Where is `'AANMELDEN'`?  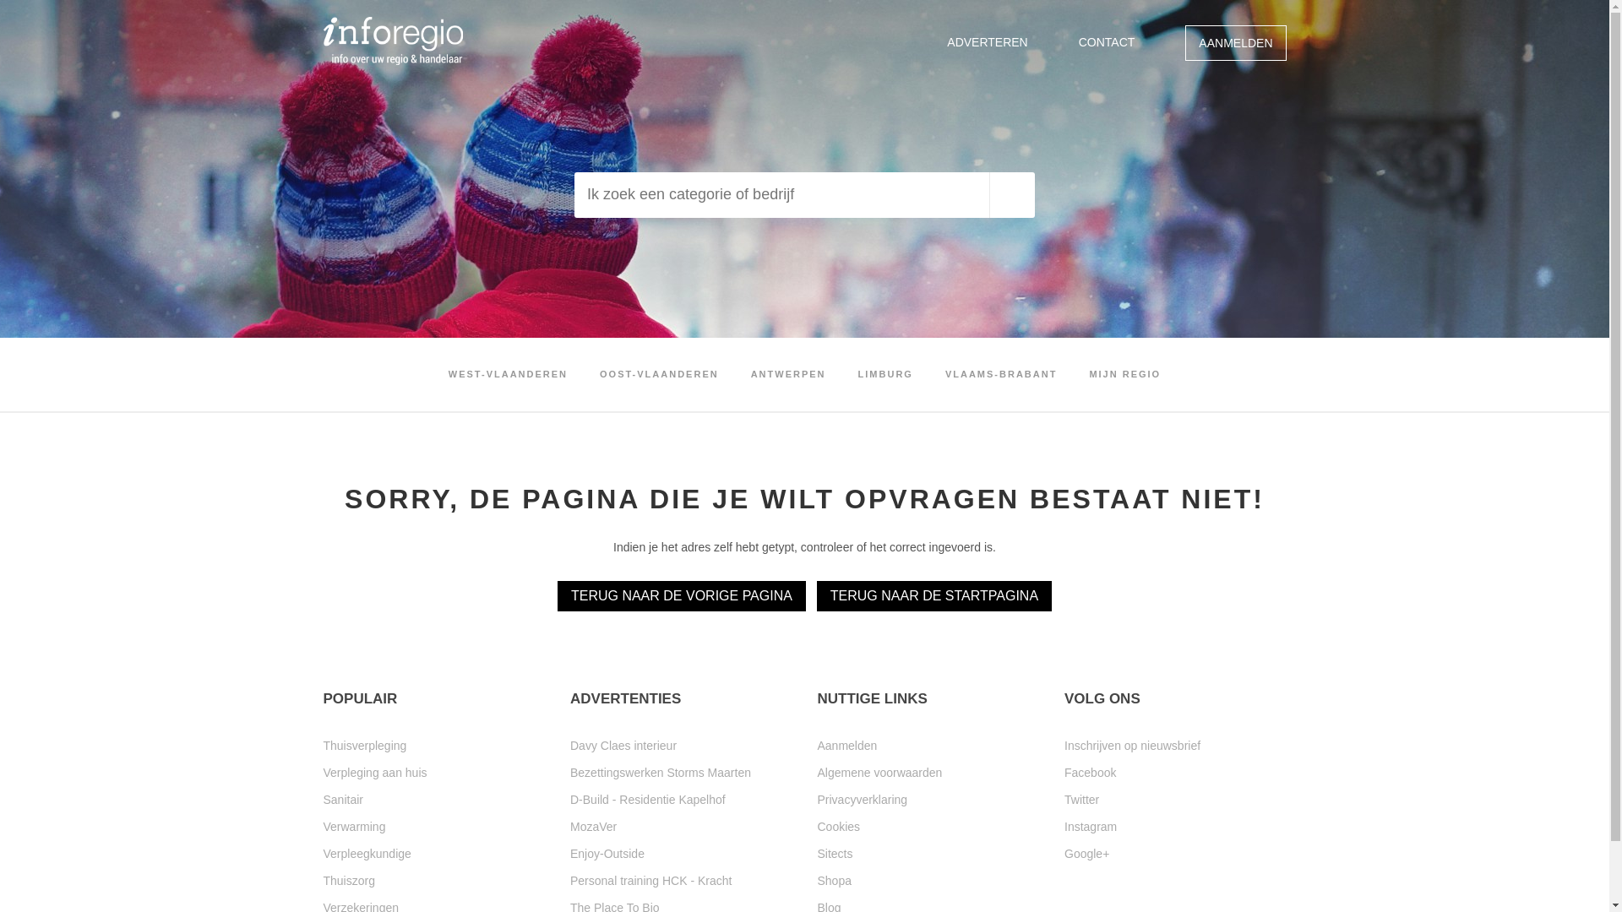 'AANMELDEN' is located at coordinates (1235, 41).